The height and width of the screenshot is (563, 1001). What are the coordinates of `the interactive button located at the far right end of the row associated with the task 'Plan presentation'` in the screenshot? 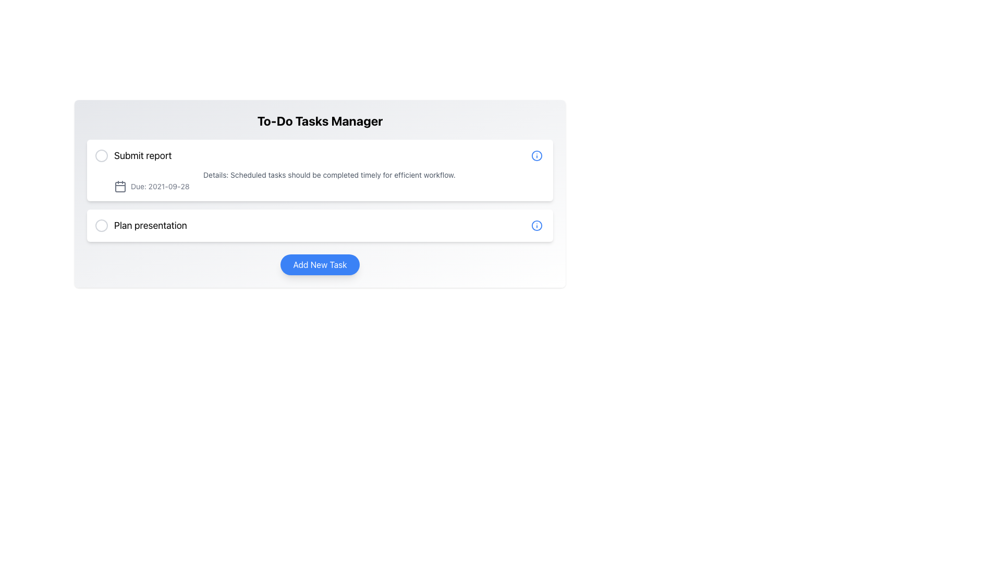 It's located at (537, 225).